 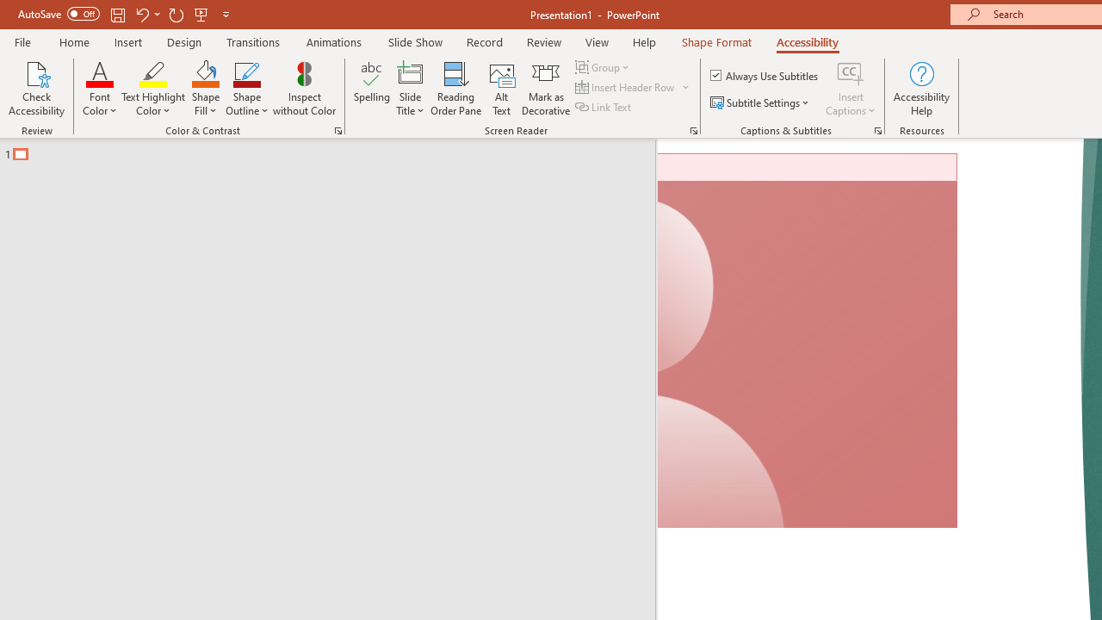 I want to click on 'Shape Fill', so click(x=205, y=89).